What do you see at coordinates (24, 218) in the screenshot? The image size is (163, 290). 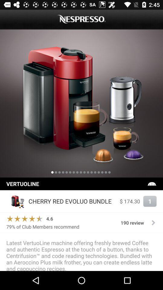 I see `the icon above 79 of club` at bounding box center [24, 218].